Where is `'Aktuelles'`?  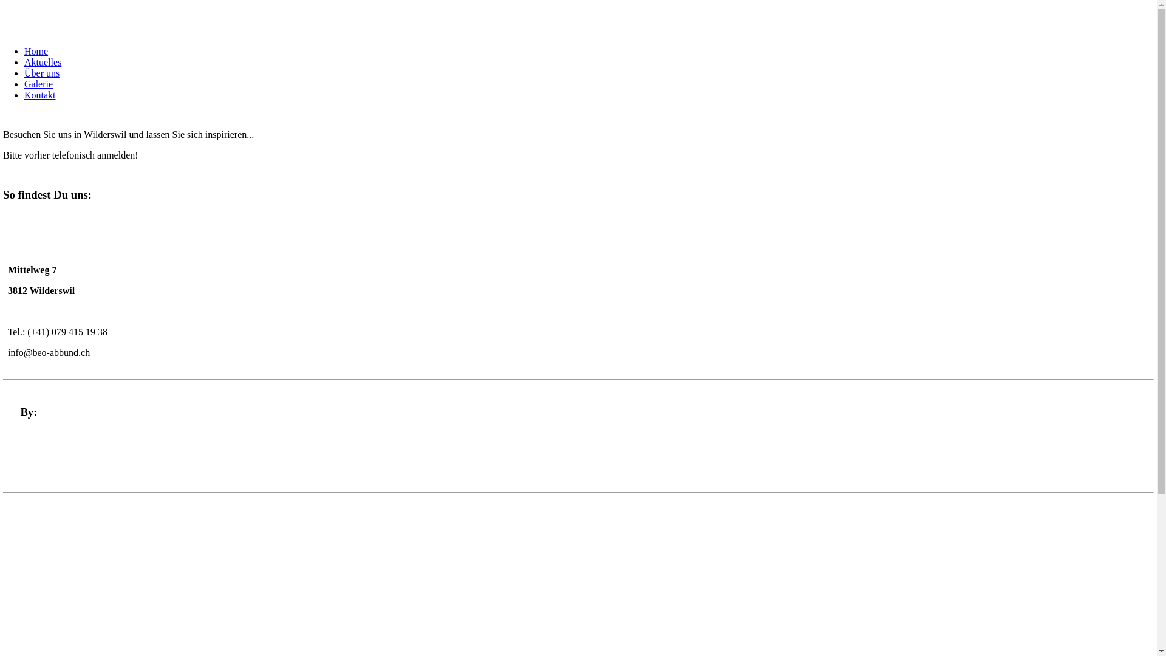
'Aktuelles' is located at coordinates (43, 62).